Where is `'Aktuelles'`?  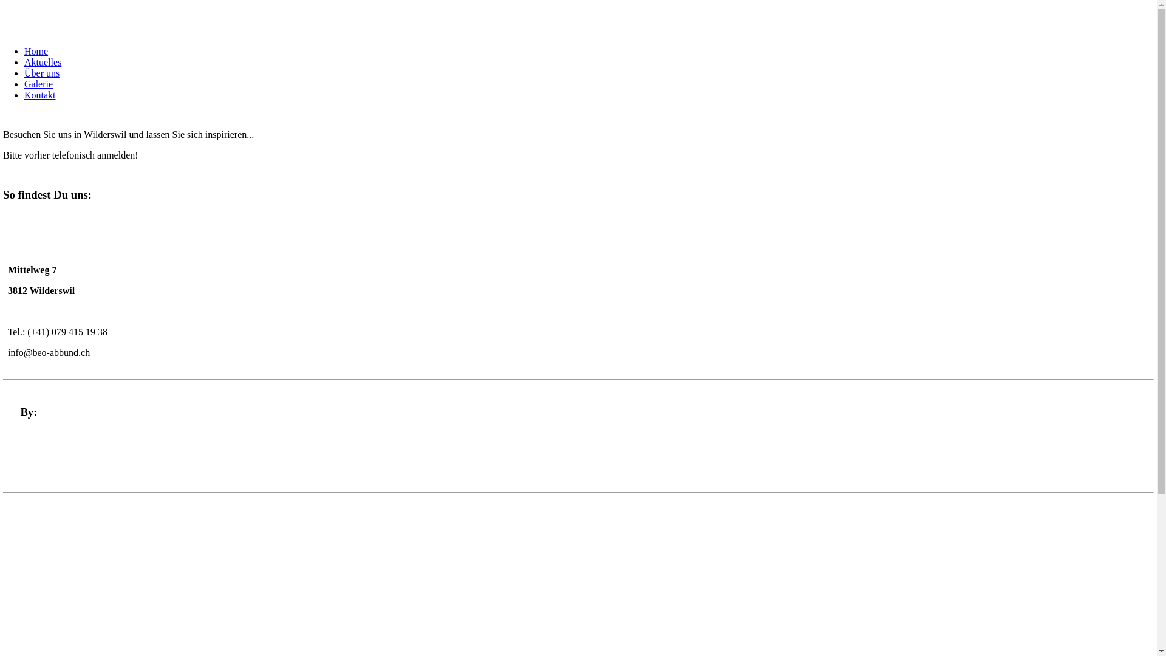
'Aktuelles' is located at coordinates (43, 62).